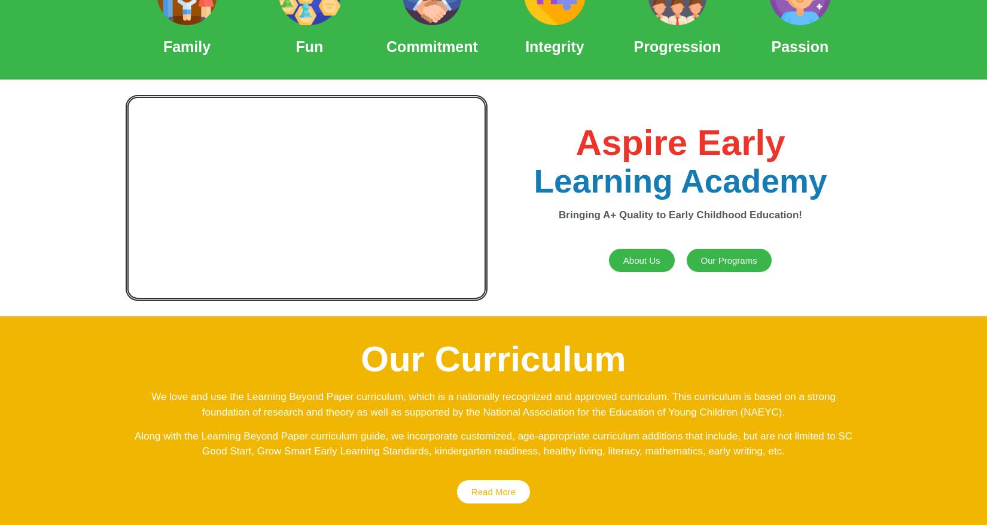 The height and width of the screenshot is (525, 987). What do you see at coordinates (295, 46) in the screenshot?
I see `'Fun'` at bounding box center [295, 46].